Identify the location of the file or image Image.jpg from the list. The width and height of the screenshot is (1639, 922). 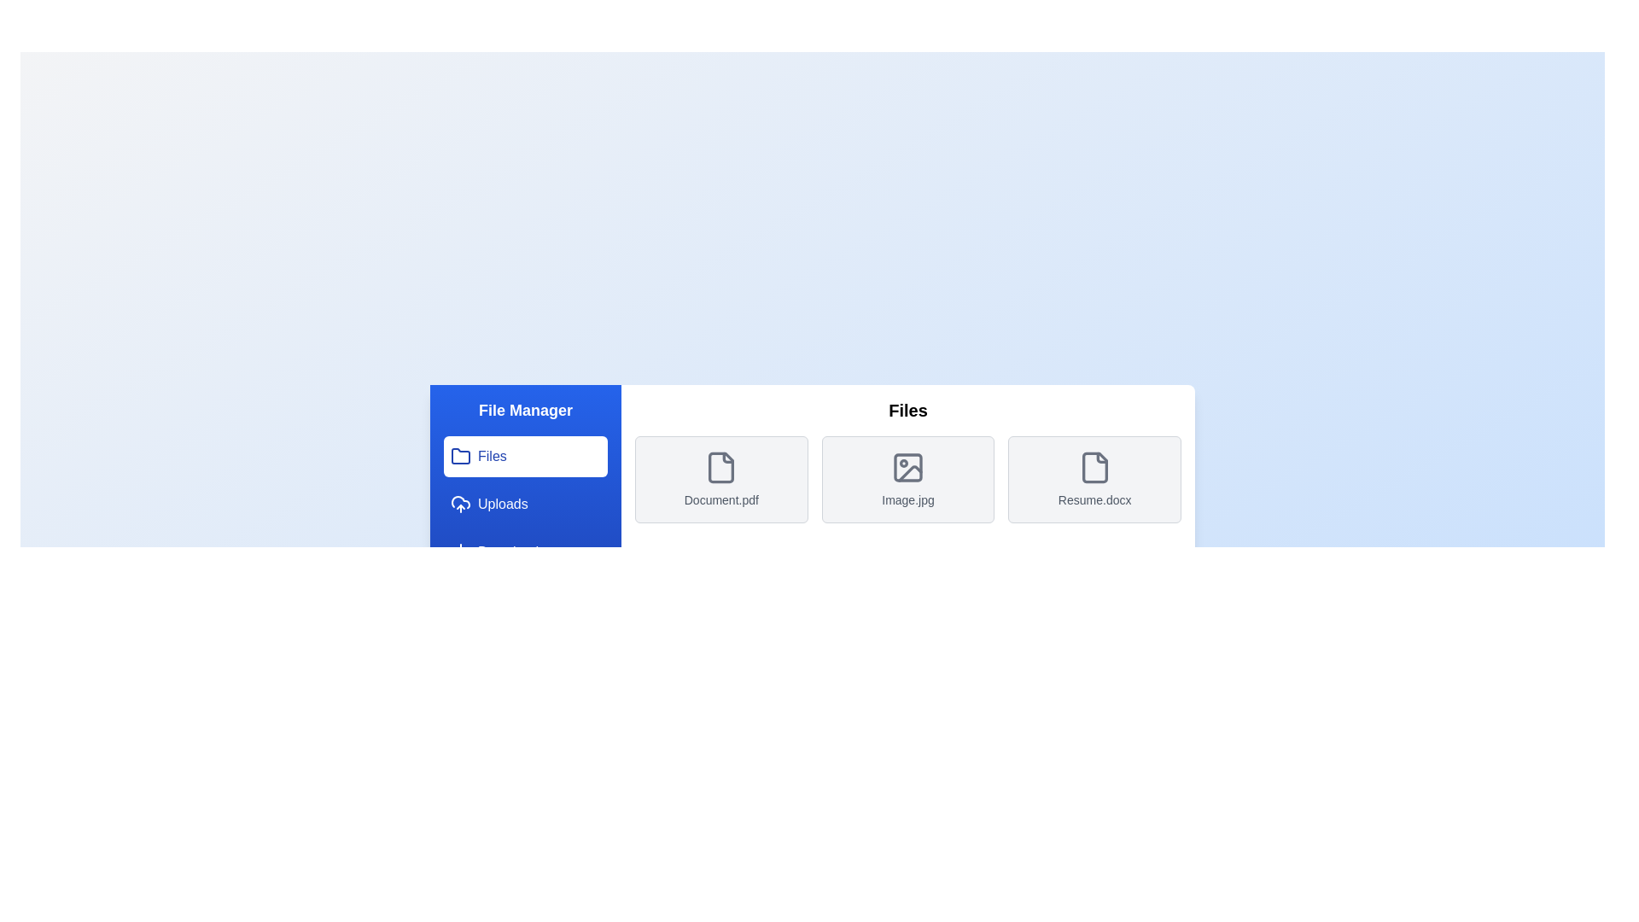
(907, 480).